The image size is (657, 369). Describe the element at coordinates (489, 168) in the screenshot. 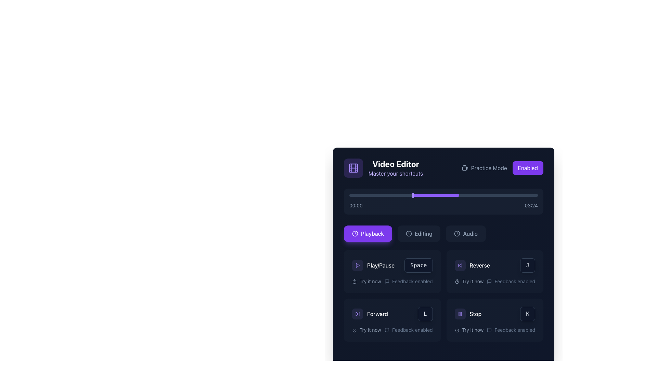

I see `the 'Practice Mode' text label that indicates the status of the feature, located between an icon on the left and an 'Enabled' label on the right` at that location.